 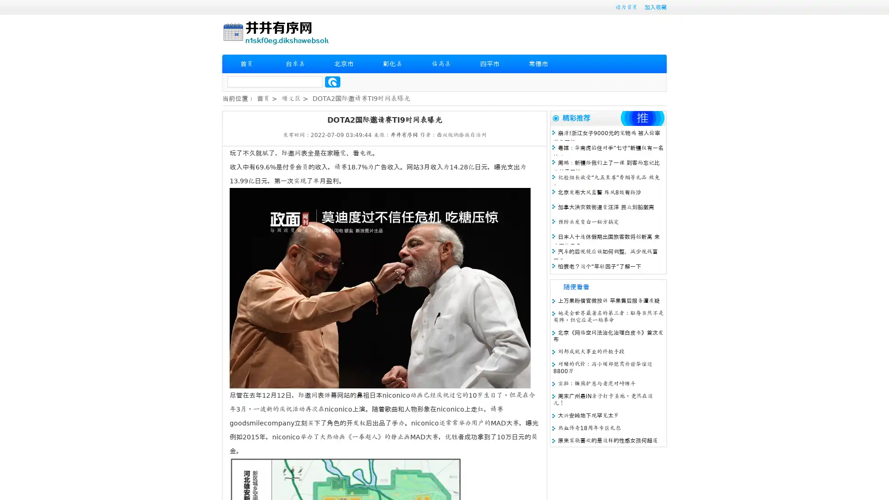 What do you see at coordinates (332, 81) in the screenshot?
I see `Search` at bounding box center [332, 81].